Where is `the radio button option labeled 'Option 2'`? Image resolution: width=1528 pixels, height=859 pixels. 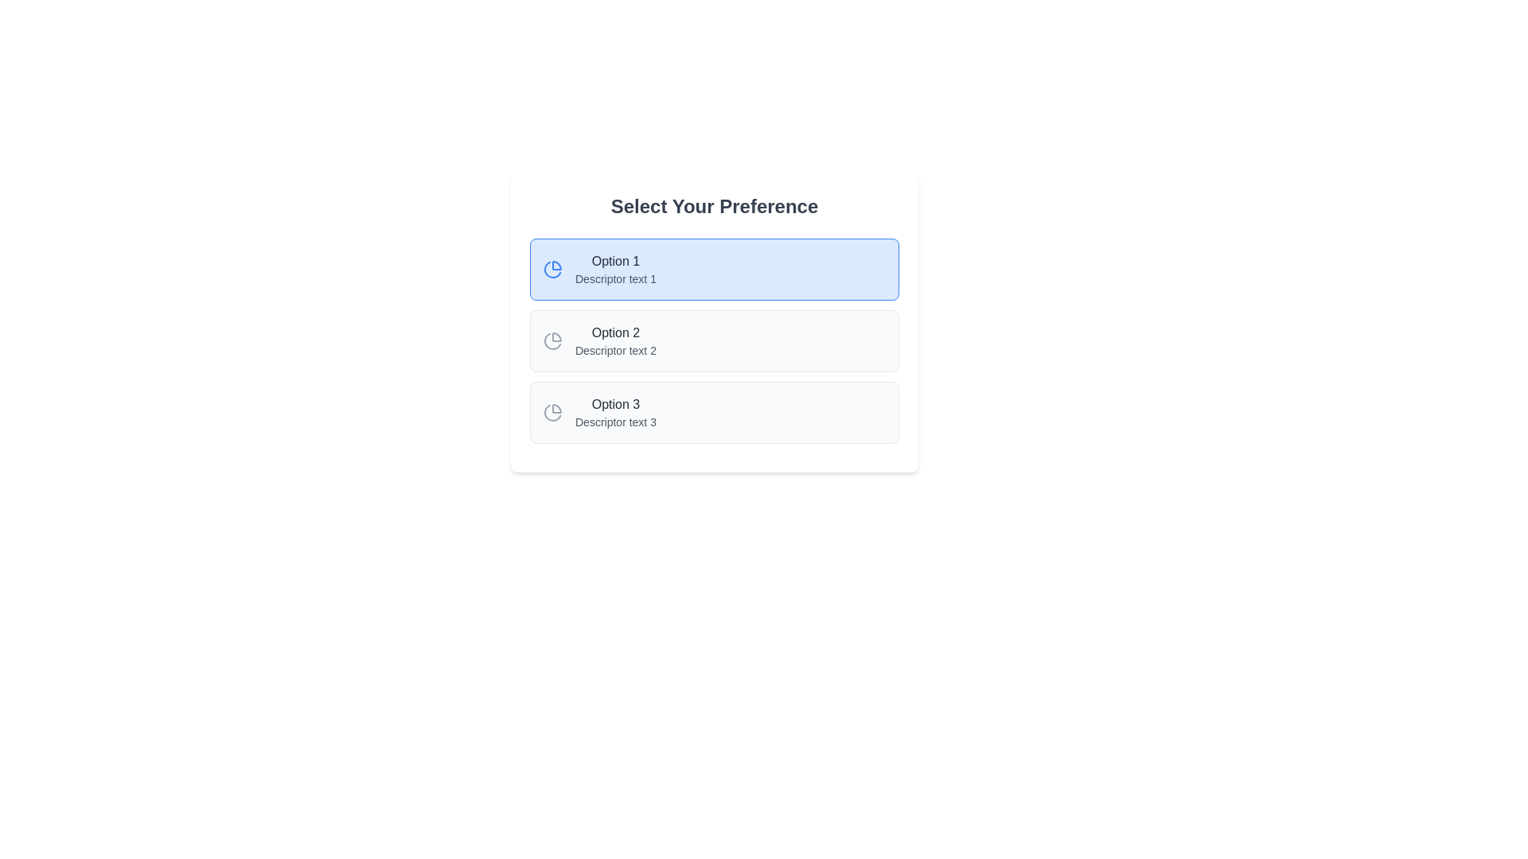
the radio button option labeled 'Option 2' is located at coordinates (713, 322).